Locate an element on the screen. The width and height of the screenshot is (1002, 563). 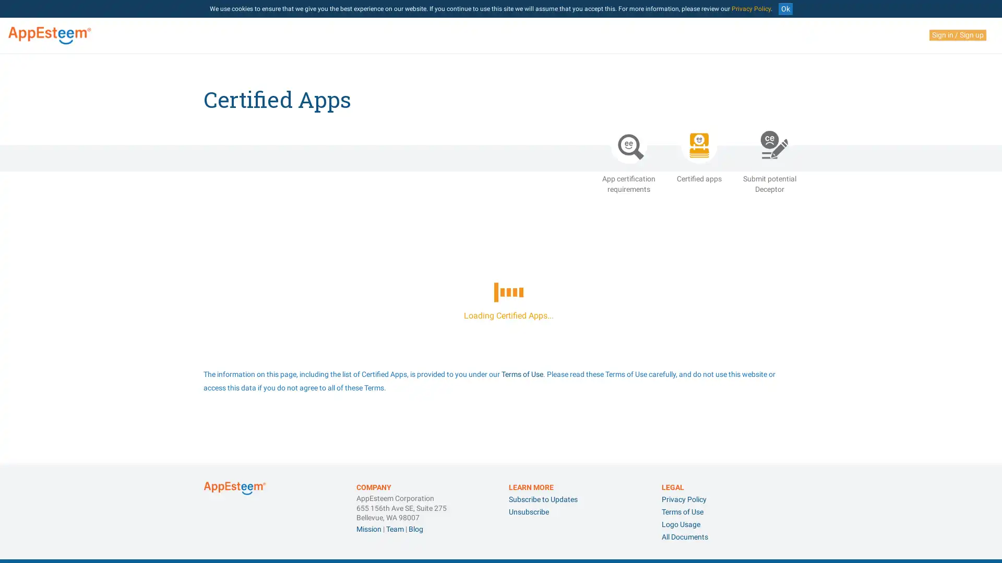
Search is located at coordinates (779, 346).